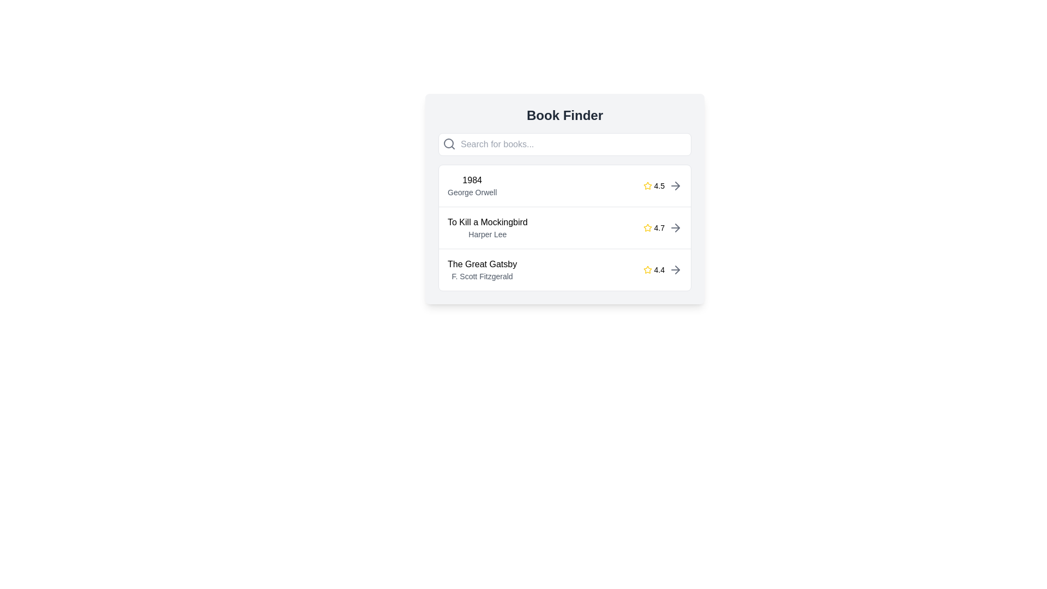  I want to click on the list item containing the title 'To Kill a Mockingbird' and subtitle 'Harper Lee', which is the second entry in a vertical list of books, so click(487, 227).